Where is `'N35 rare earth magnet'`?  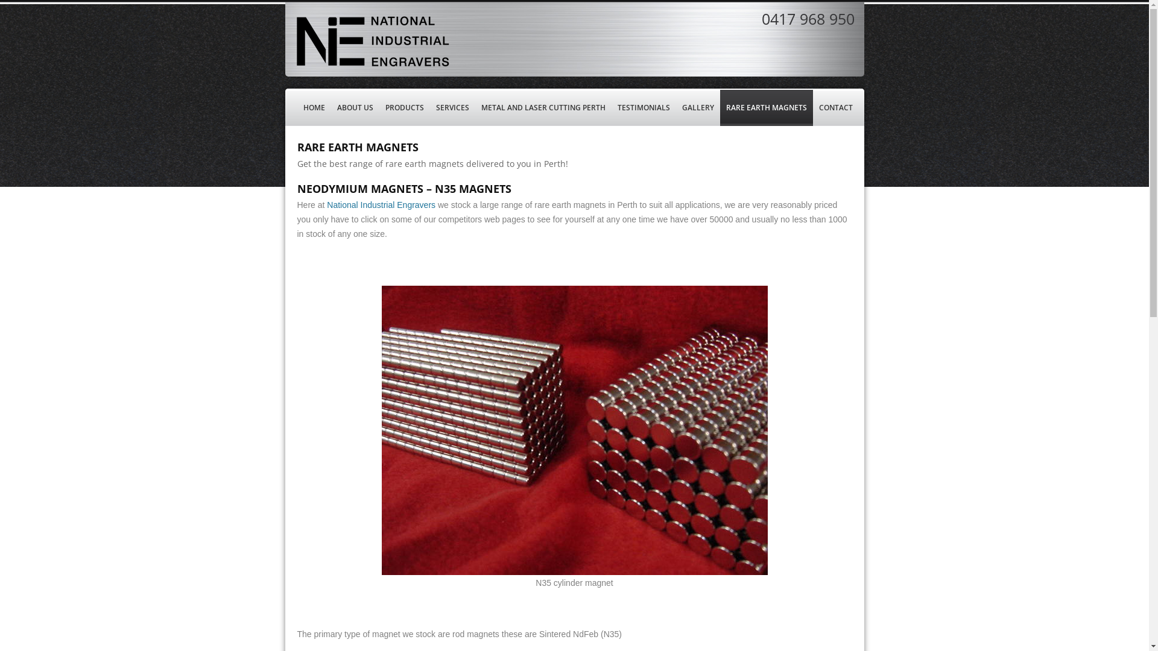
'N35 rare earth magnet' is located at coordinates (573, 429).